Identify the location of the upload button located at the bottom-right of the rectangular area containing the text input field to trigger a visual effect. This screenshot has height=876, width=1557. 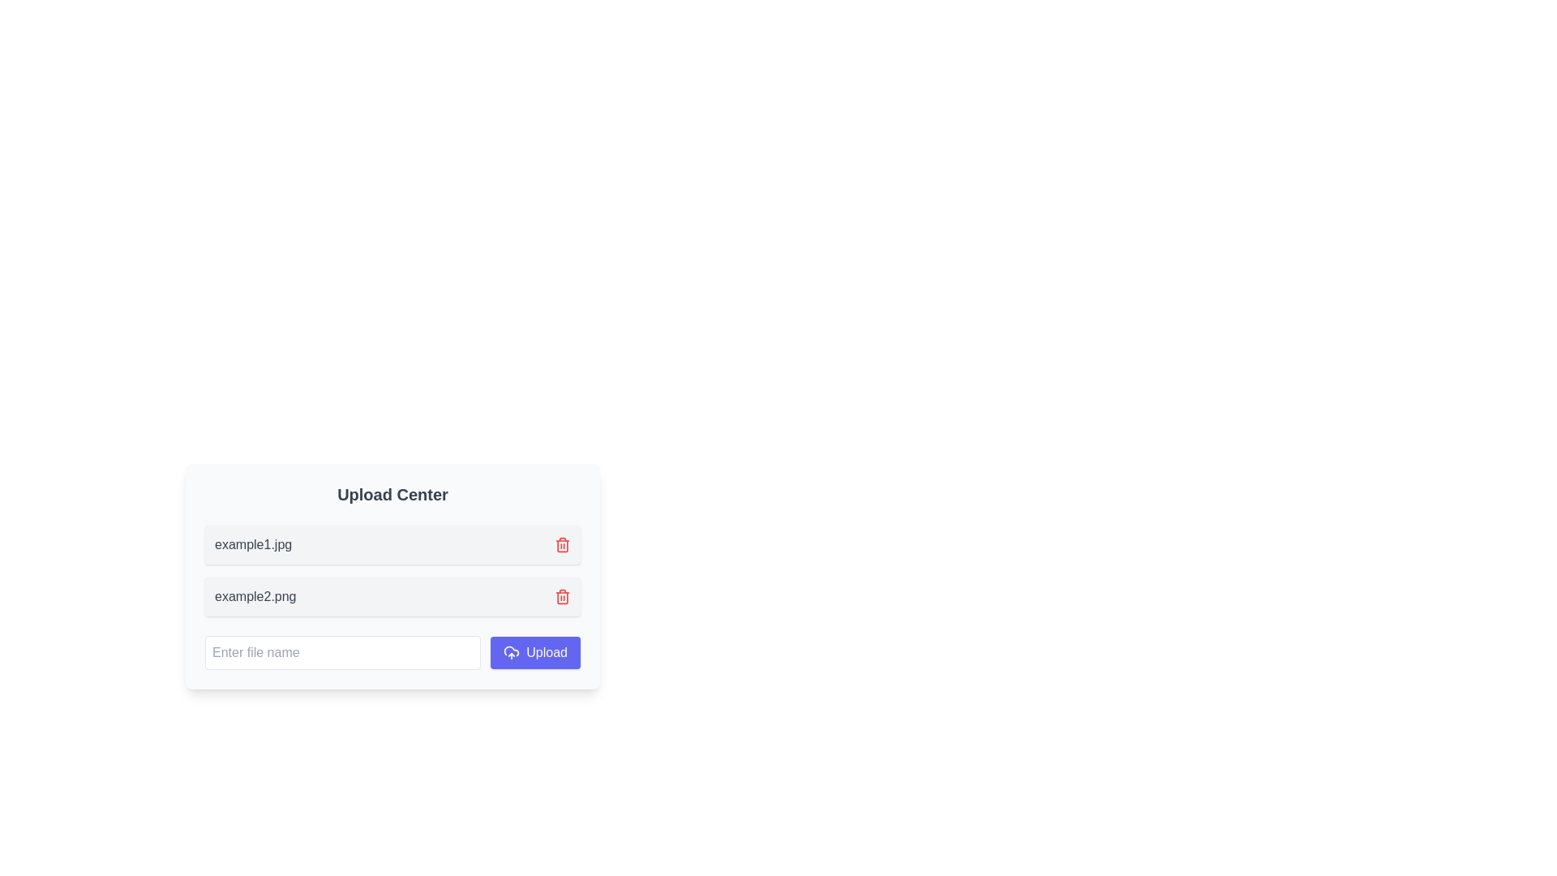
(535, 652).